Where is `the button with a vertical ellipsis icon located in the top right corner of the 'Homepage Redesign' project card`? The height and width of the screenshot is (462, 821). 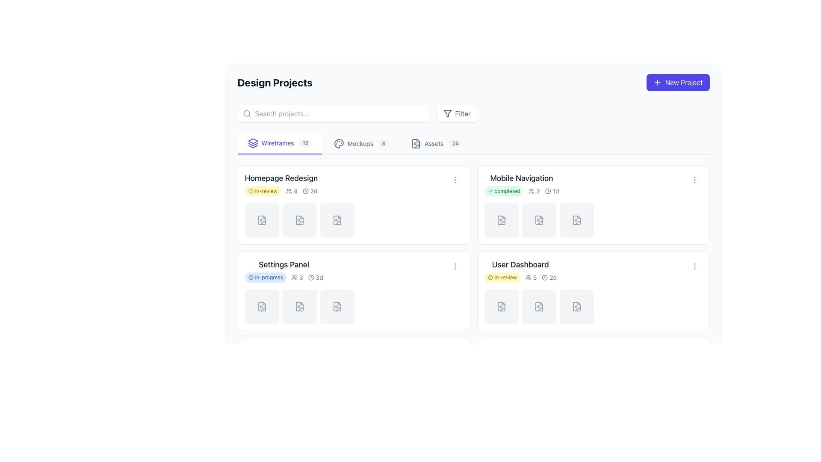 the button with a vertical ellipsis icon located in the top right corner of the 'Homepage Redesign' project card is located at coordinates (455, 179).